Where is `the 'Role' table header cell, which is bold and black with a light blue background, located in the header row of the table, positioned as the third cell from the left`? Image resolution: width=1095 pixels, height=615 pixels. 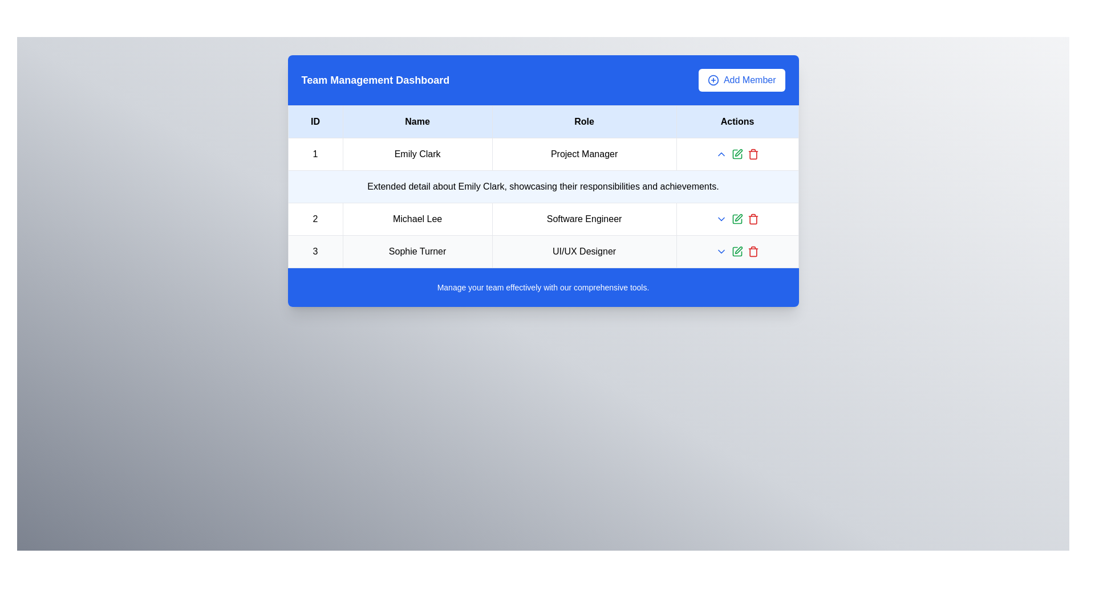 the 'Role' table header cell, which is bold and black with a light blue background, located in the header row of the table, positioned as the third cell from the left is located at coordinates (584, 121).